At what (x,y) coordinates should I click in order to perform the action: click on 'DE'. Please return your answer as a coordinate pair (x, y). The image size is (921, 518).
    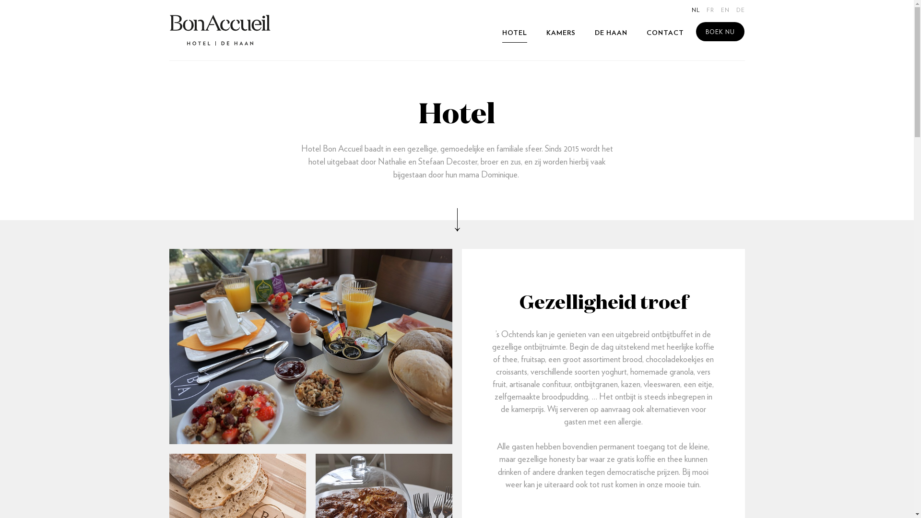
    Looking at the image, I should click on (739, 10).